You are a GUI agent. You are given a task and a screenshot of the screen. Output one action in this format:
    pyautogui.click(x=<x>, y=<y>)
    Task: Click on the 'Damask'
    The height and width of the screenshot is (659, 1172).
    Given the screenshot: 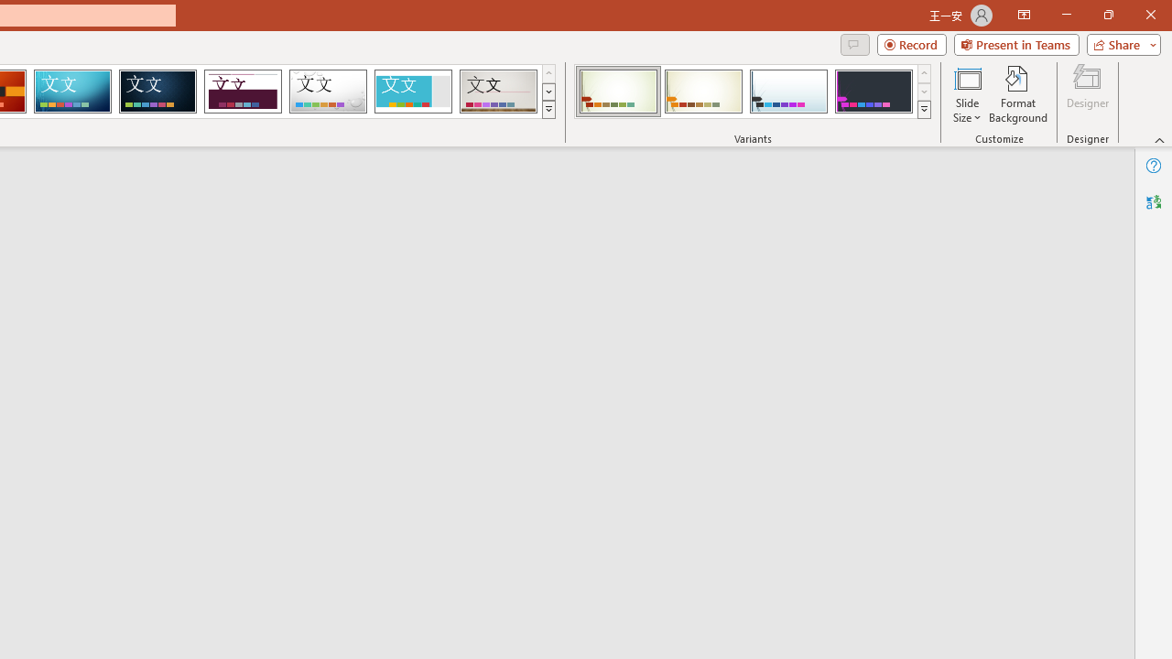 What is the action you would take?
    pyautogui.click(x=157, y=92)
    